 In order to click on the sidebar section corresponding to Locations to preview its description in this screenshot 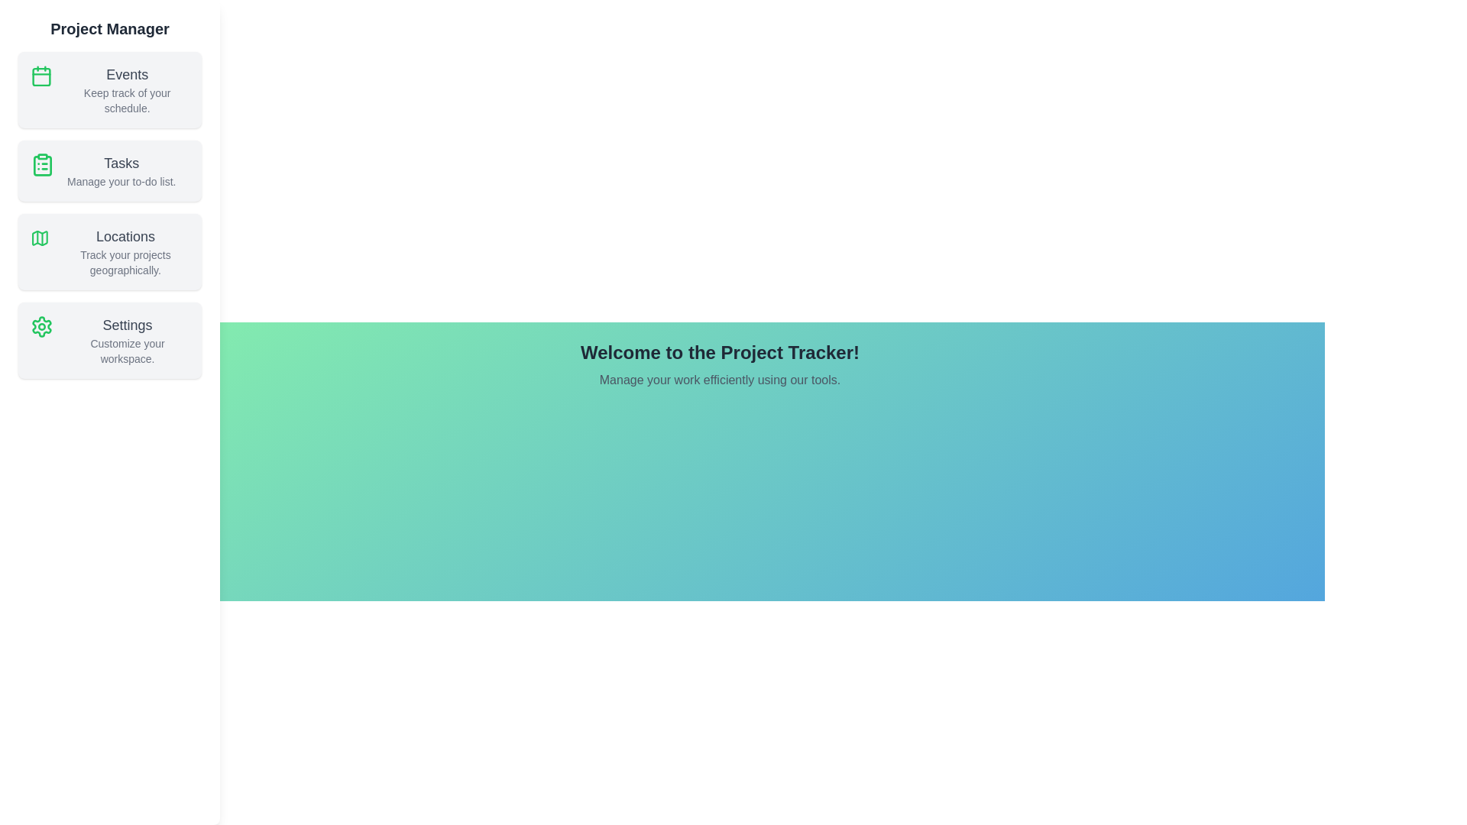, I will do `click(109, 251)`.